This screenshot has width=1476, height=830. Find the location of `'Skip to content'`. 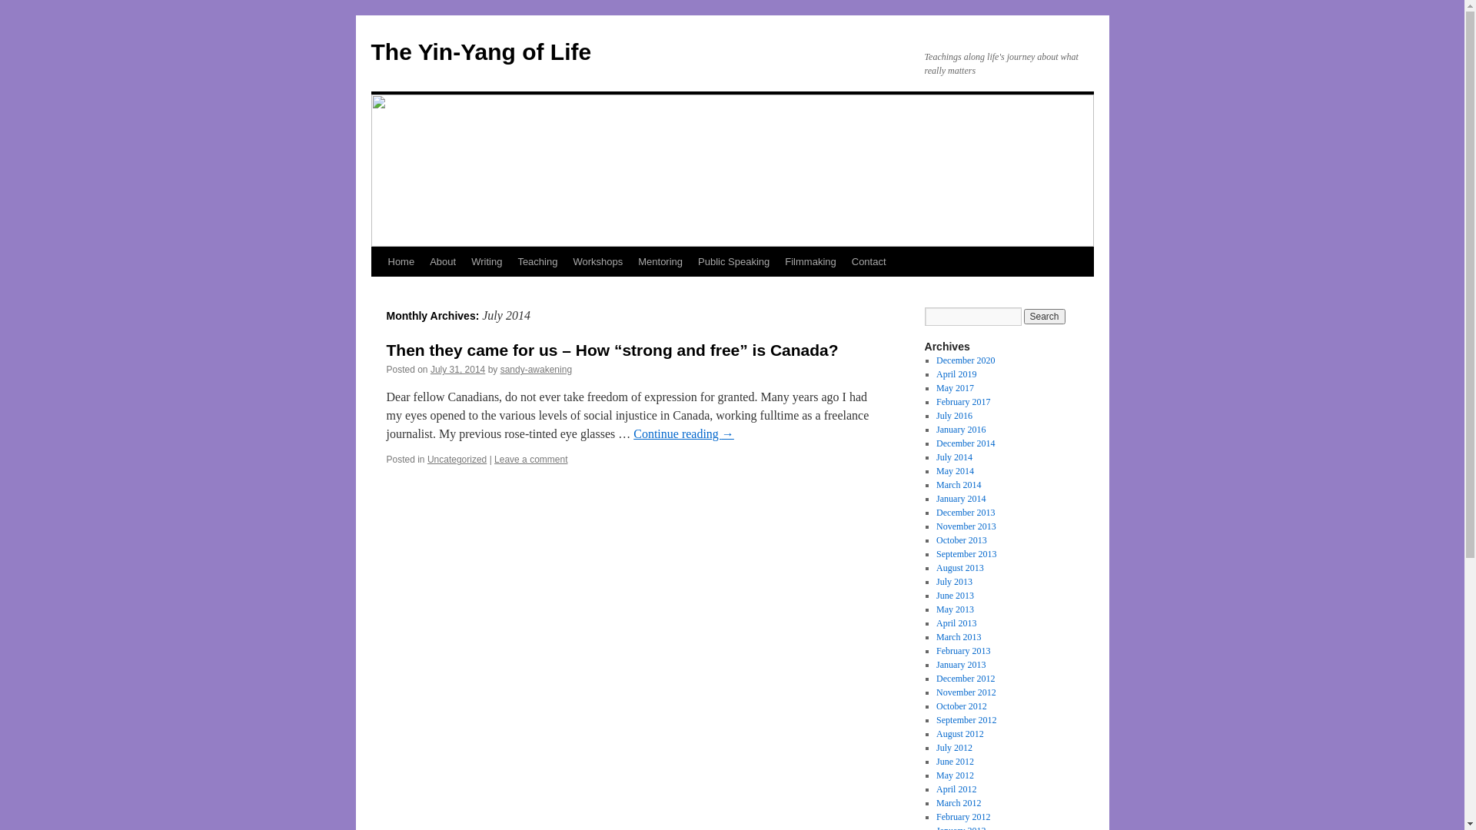

'Skip to content' is located at coordinates (377, 290).